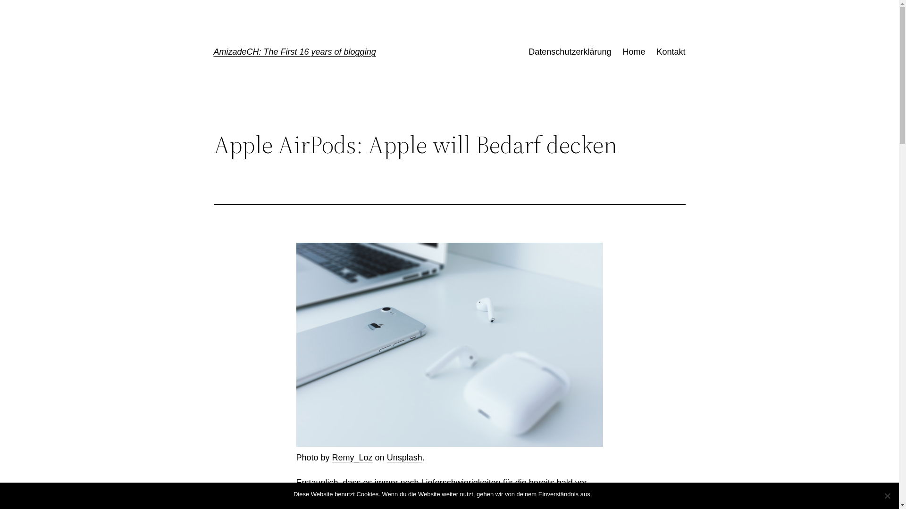 The width and height of the screenshot is (906, 509). I want to click on 'Nein', so click(887, 495).